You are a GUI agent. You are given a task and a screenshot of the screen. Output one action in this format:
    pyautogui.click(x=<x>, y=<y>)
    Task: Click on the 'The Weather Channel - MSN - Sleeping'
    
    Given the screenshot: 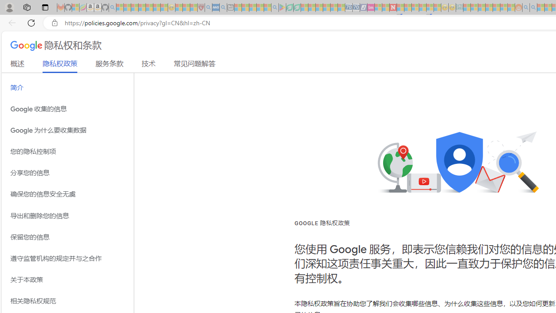 What is the action you would take?
    pyautogui.click(x=134, y=7)
    